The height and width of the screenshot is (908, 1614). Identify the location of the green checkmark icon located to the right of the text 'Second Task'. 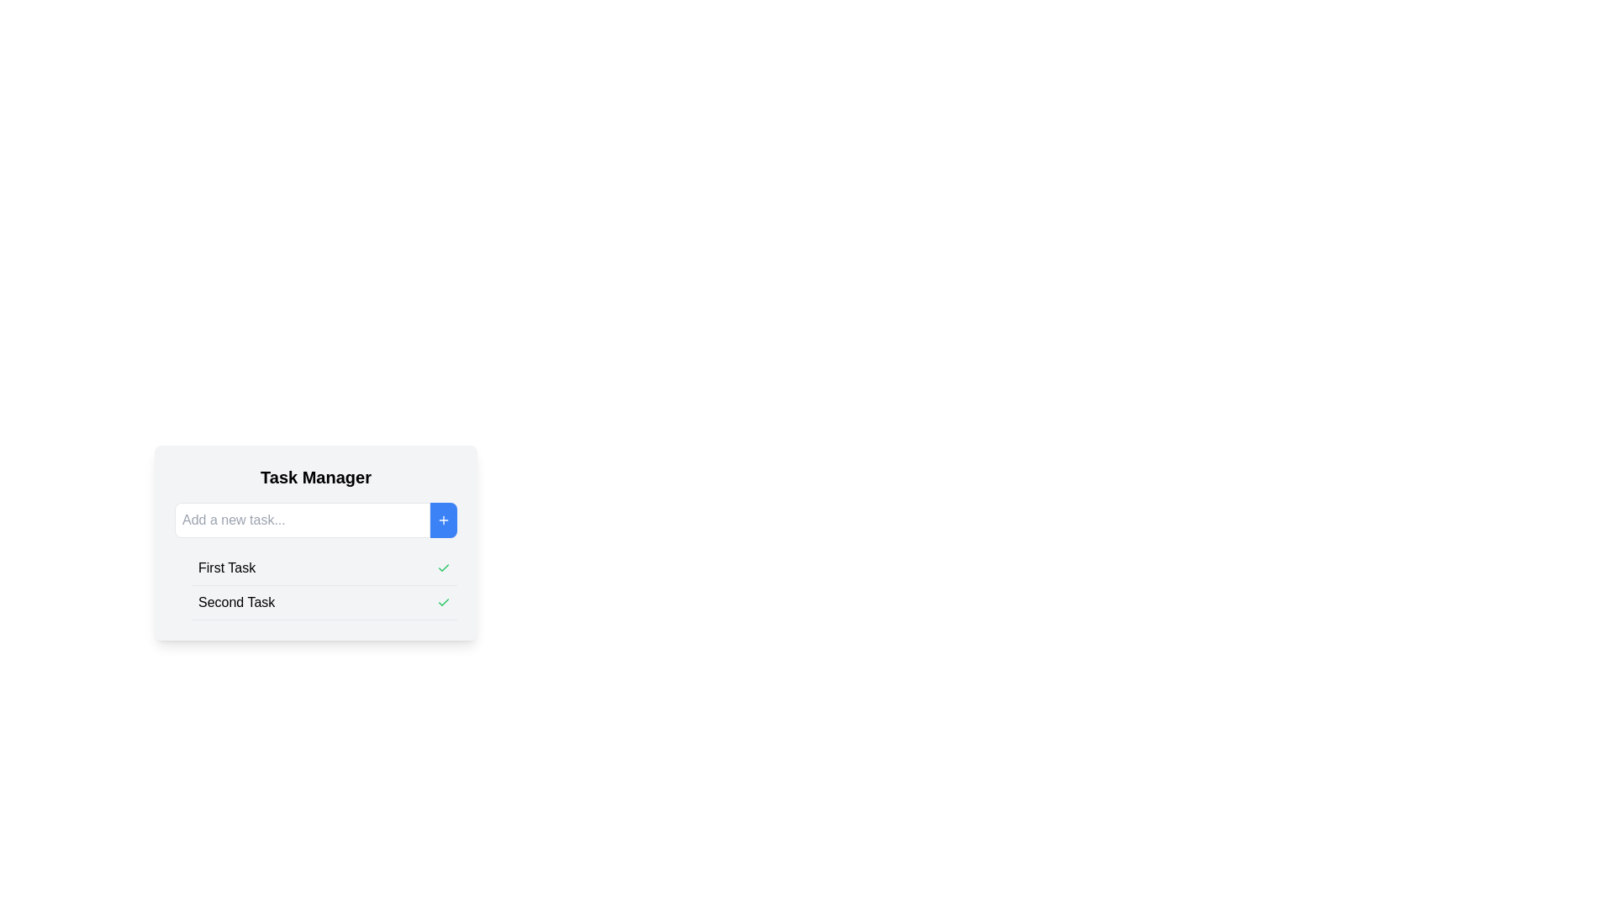
(444, 602).